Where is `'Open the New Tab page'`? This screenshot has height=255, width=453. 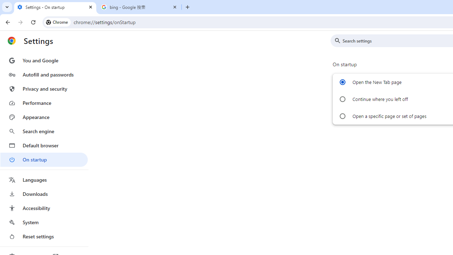 'Open the New Tab page' is located at coordinates (342, 82).